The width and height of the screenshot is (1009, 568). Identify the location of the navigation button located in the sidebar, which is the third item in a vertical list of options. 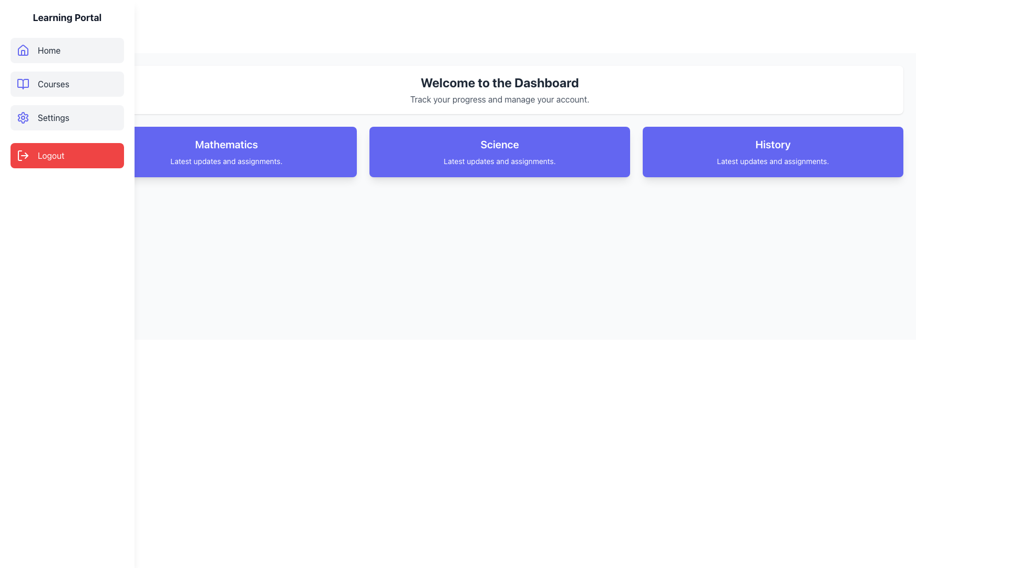
(67, 117).